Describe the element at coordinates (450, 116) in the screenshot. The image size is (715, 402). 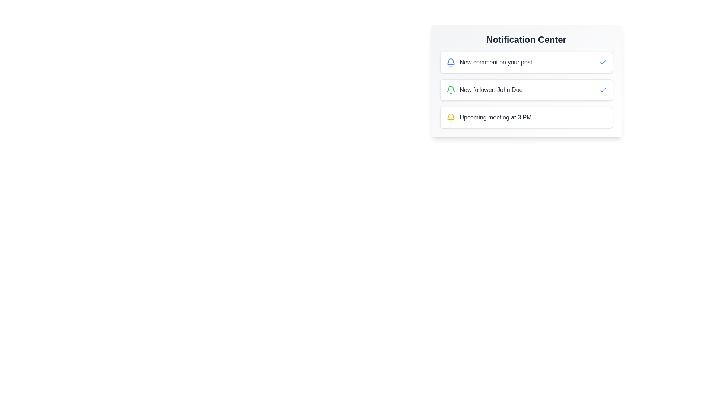
I see `the notification bell icon, which is a yellow minimalist design symbolizing notifications, located in the Notification Center interface` at that location.